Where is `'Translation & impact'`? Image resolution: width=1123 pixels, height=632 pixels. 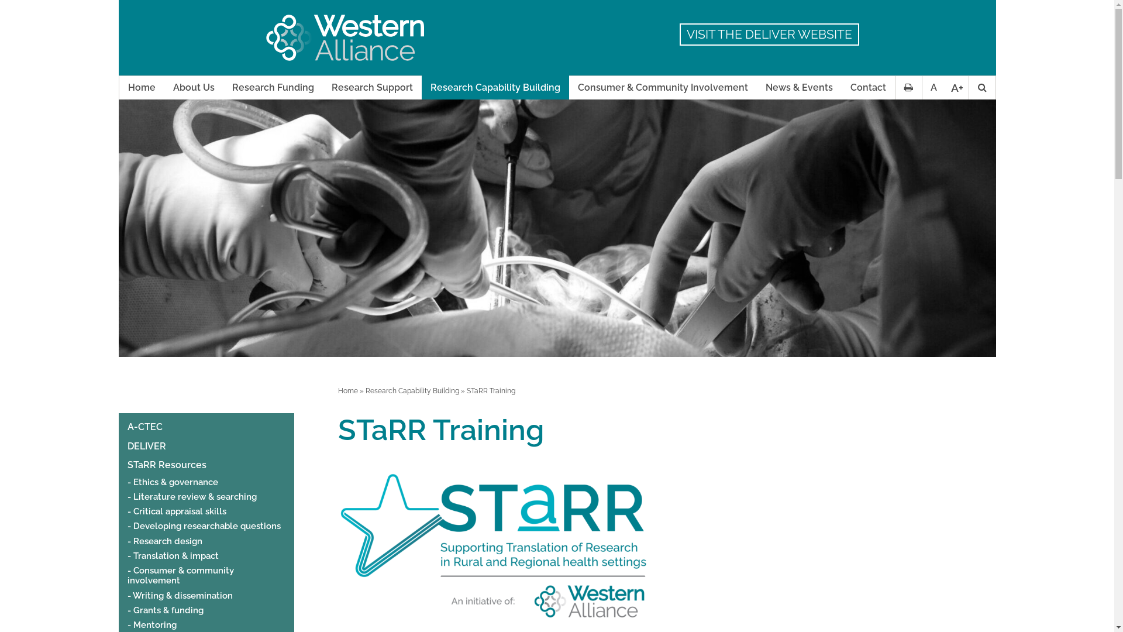 'Translation & impact' is located at coordinates (173, 555).